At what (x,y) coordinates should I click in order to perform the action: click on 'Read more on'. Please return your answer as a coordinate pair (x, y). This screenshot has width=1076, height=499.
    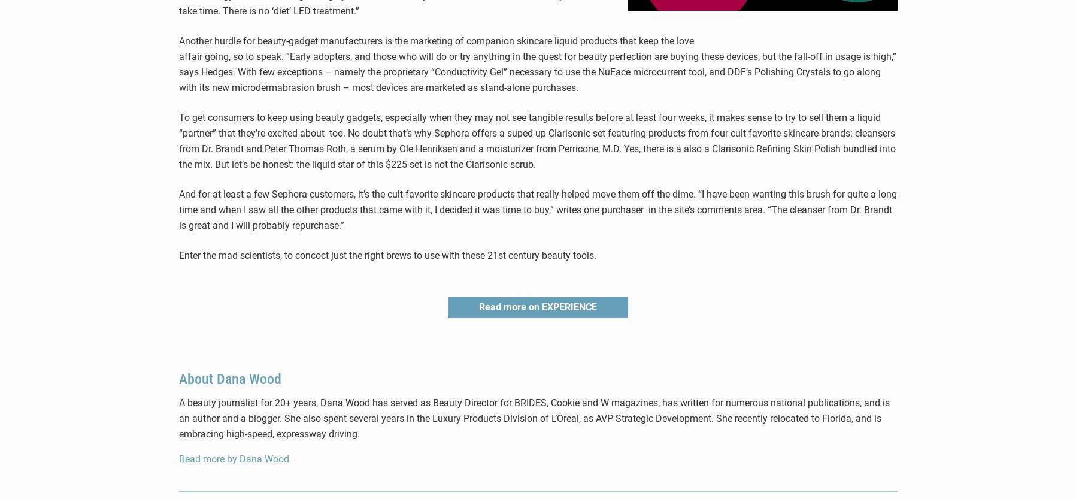
    Looking at the image, I should click on (478, 307).